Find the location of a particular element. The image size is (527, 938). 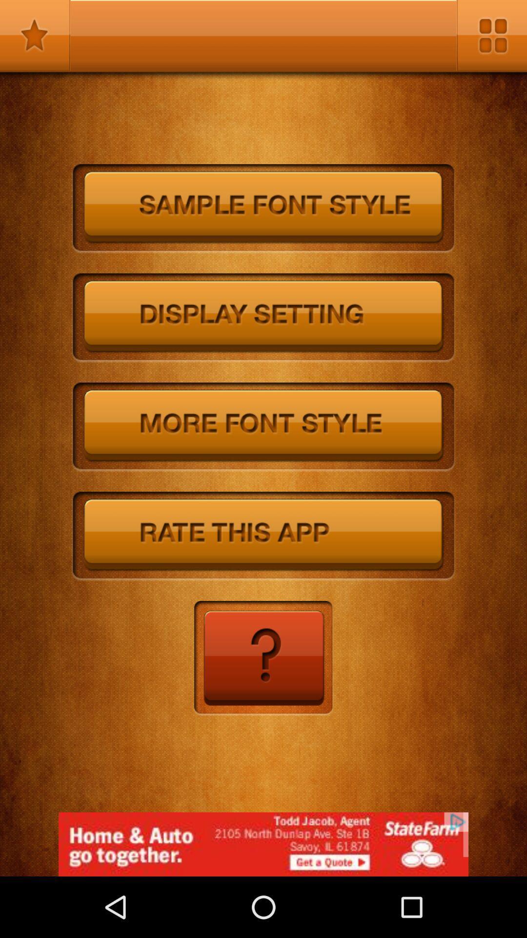

choose button is located at coordinates (263, 536).